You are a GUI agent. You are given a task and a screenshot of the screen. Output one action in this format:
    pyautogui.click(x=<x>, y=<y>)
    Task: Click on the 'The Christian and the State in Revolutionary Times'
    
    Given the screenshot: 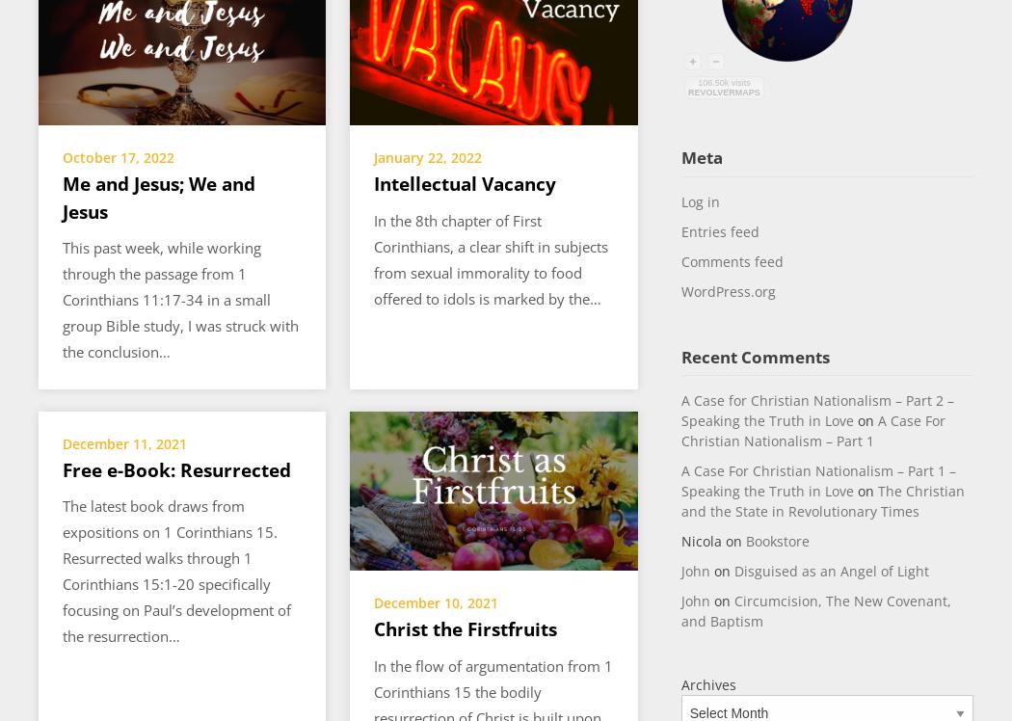 What is the action you would take?
    pyautogui.click(x=680, y=500)
    